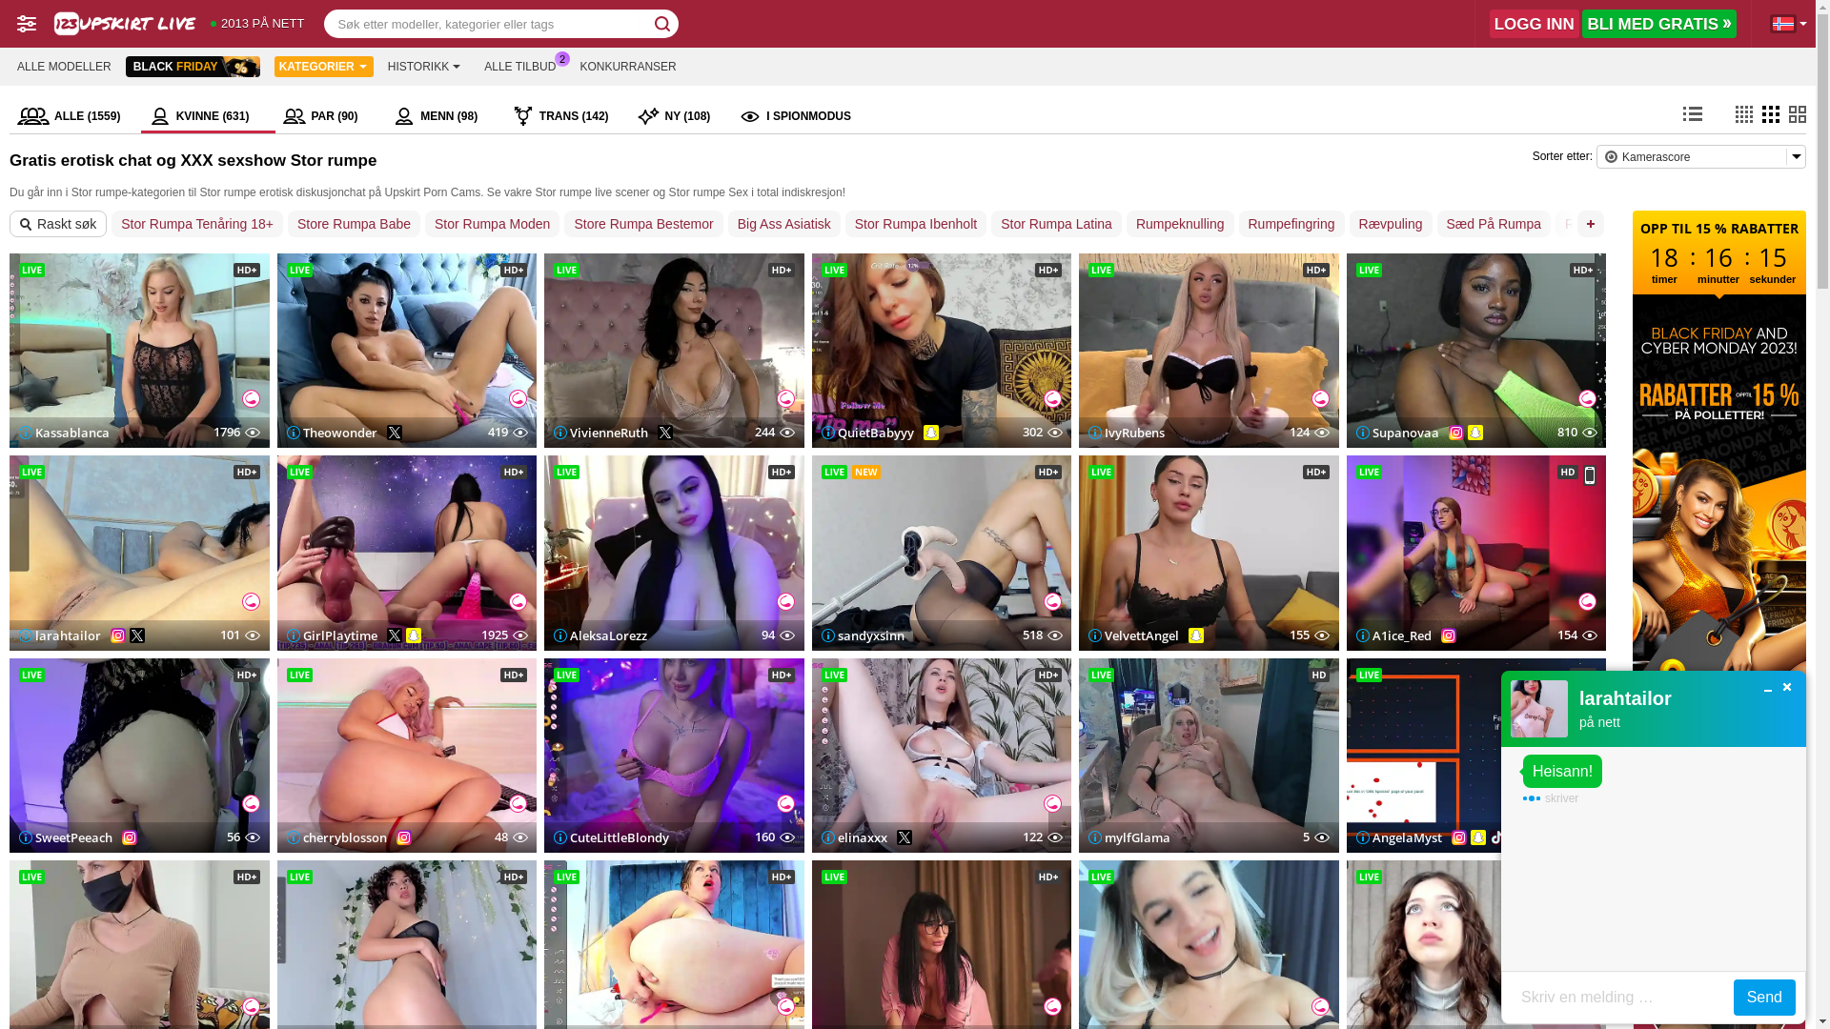 The image size is (1830, 1029). What do you see at coordinates (795, 116) in the screenshot?
I see `'I SPIONMODUS'` at bounding box center [795, 116].